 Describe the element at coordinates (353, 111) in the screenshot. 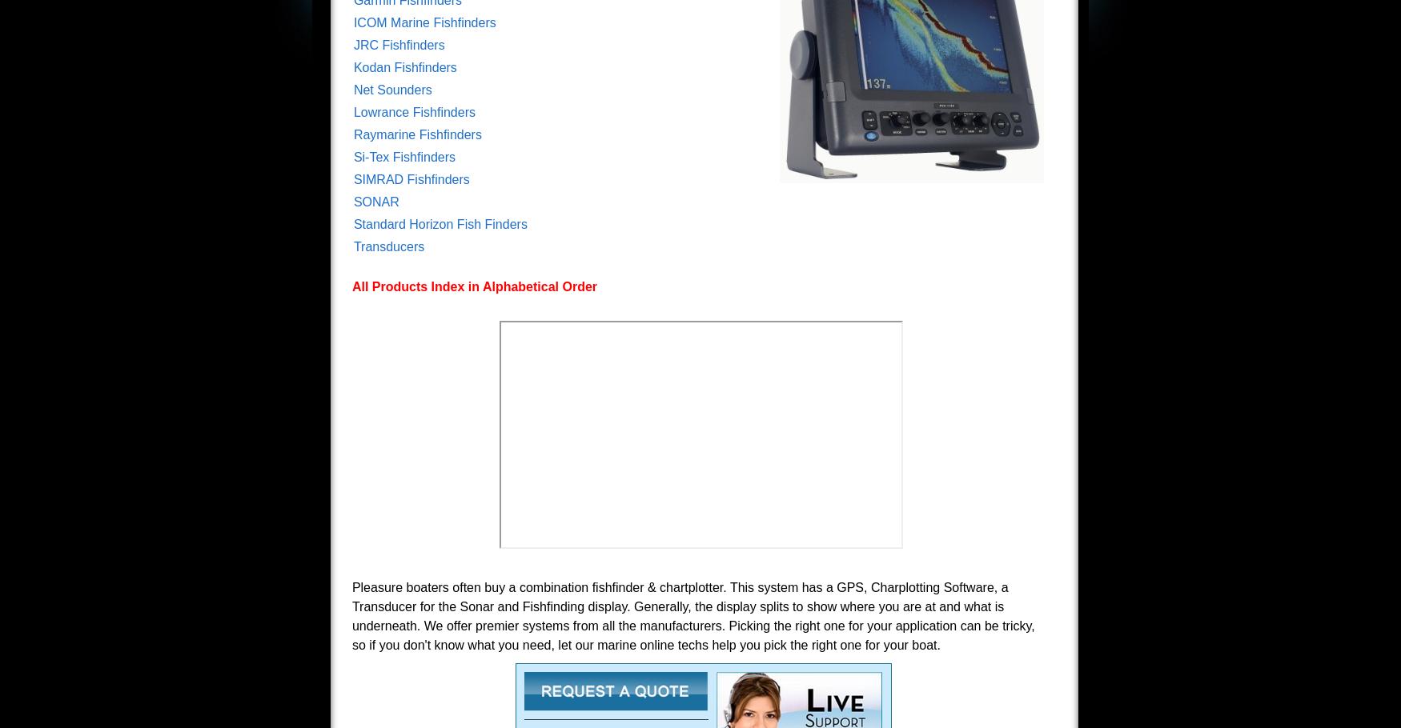

I see `'Lowrance
Fishfinders'` at that location.